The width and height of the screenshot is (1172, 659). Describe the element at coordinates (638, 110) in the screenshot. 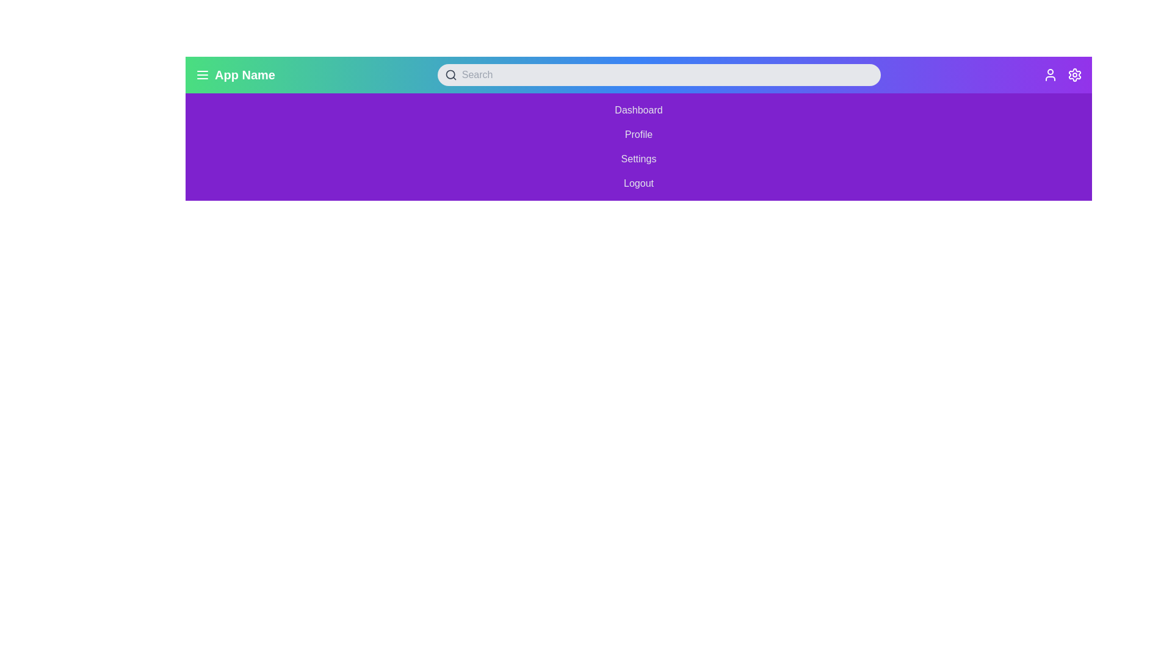

I see `the 'Dashboard' button-like text in white font color located within a purple bar` at that location.